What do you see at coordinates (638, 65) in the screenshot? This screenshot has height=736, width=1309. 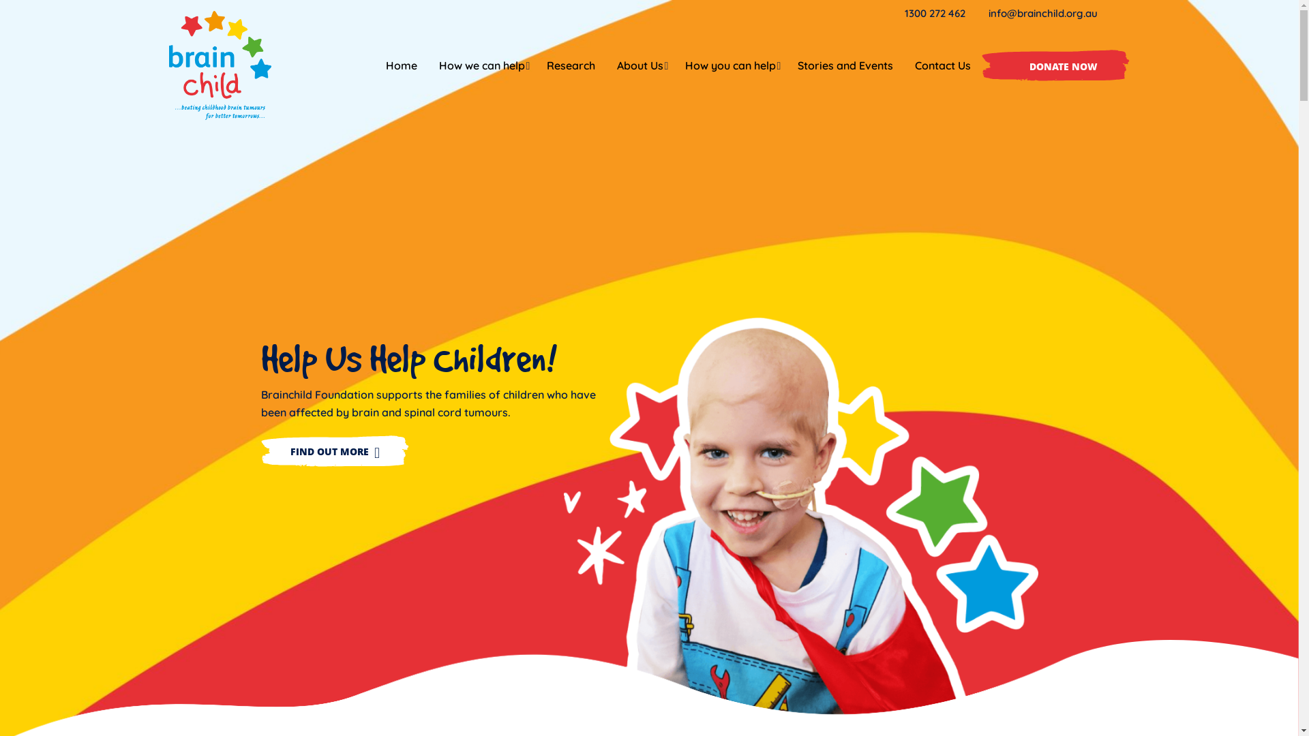 I see `'About Us'` at bounding box center [638, 65].